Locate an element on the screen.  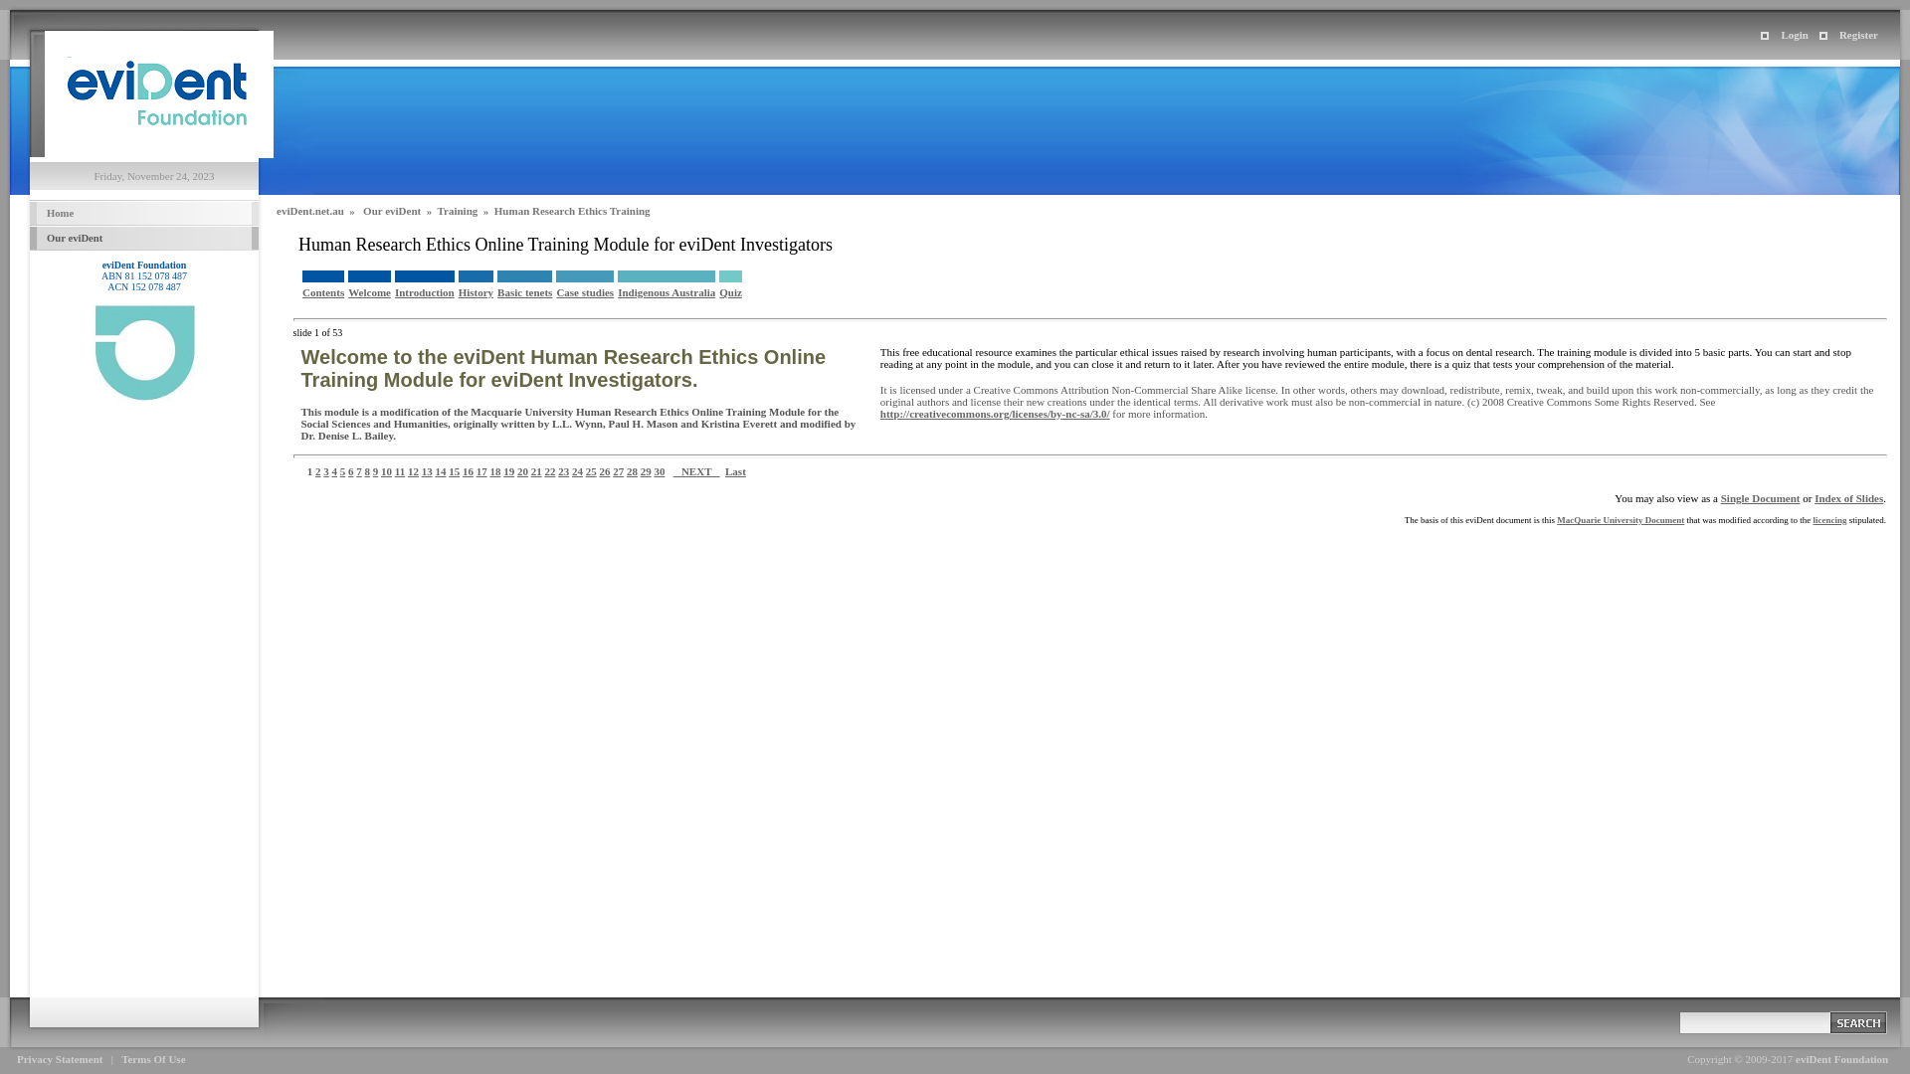
'Human Research Ethics Training' is located at coordinates (571, 211).